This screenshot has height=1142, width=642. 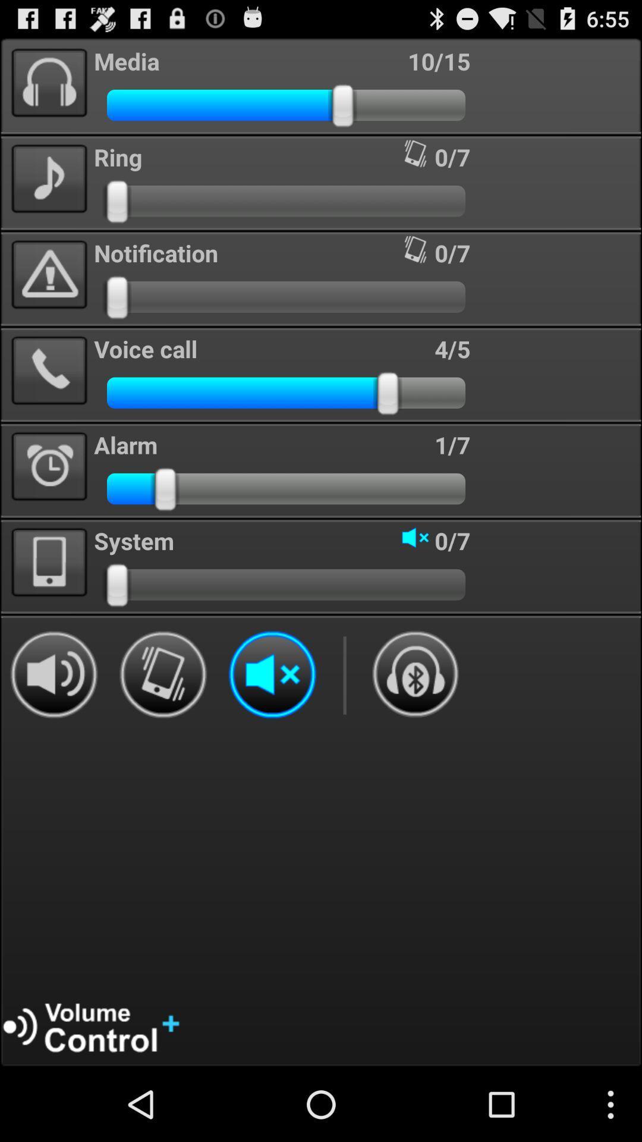 I want to click on the warning icon, so click(x=49, y=294).